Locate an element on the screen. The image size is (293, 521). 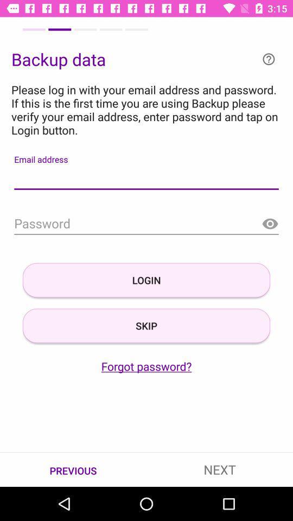
more information is located at coordinates (268, 59).